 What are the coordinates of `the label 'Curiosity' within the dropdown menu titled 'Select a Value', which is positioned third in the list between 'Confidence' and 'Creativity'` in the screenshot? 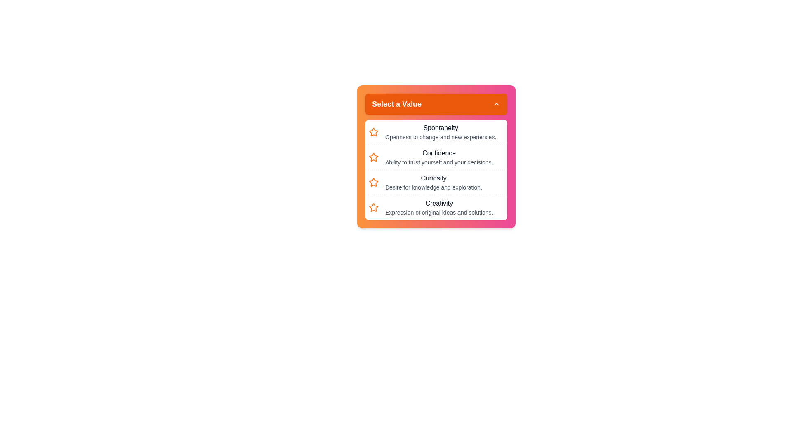 It's located at (433, 178).